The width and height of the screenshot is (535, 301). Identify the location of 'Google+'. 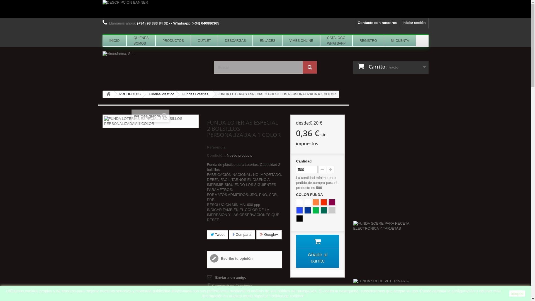
(269, 235).